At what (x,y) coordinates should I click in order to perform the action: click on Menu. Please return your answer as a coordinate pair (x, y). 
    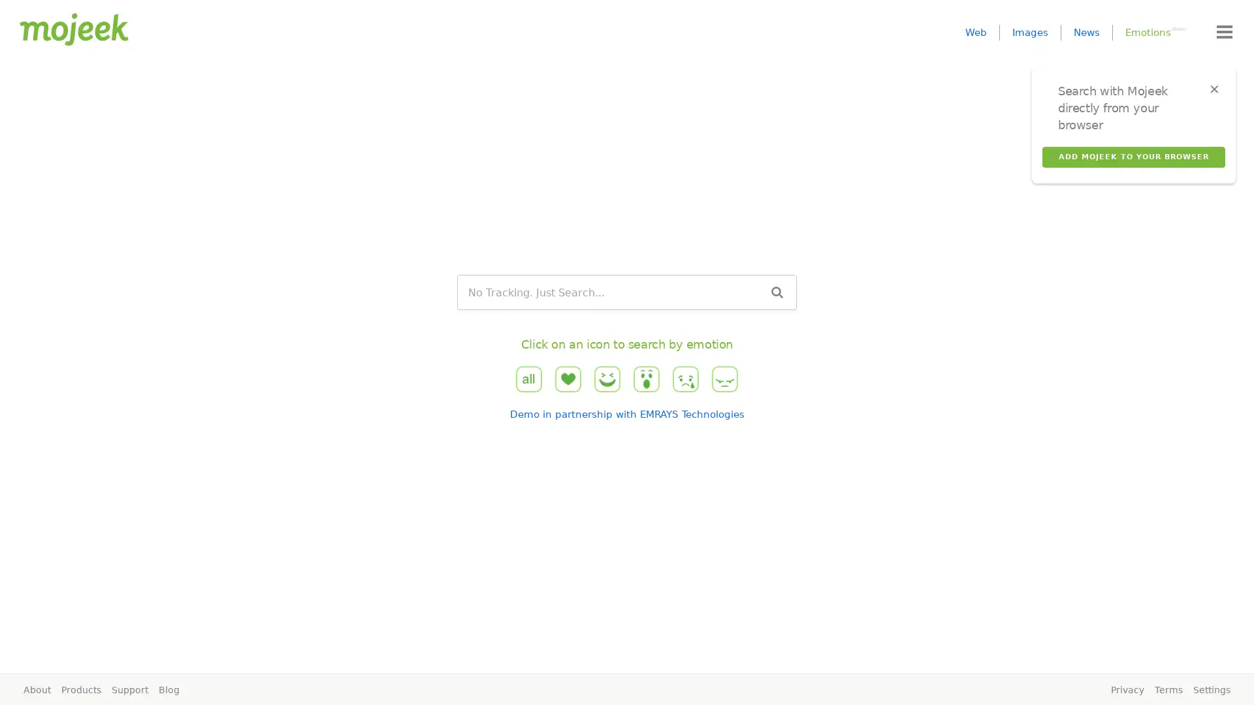
    Looking at the image, I should click on (1224, 30).